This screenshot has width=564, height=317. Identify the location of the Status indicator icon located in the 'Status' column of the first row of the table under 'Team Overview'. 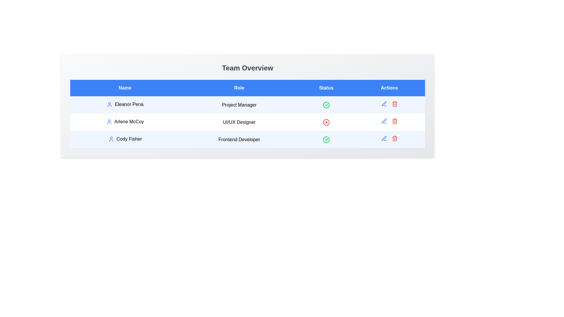
(326, 139).